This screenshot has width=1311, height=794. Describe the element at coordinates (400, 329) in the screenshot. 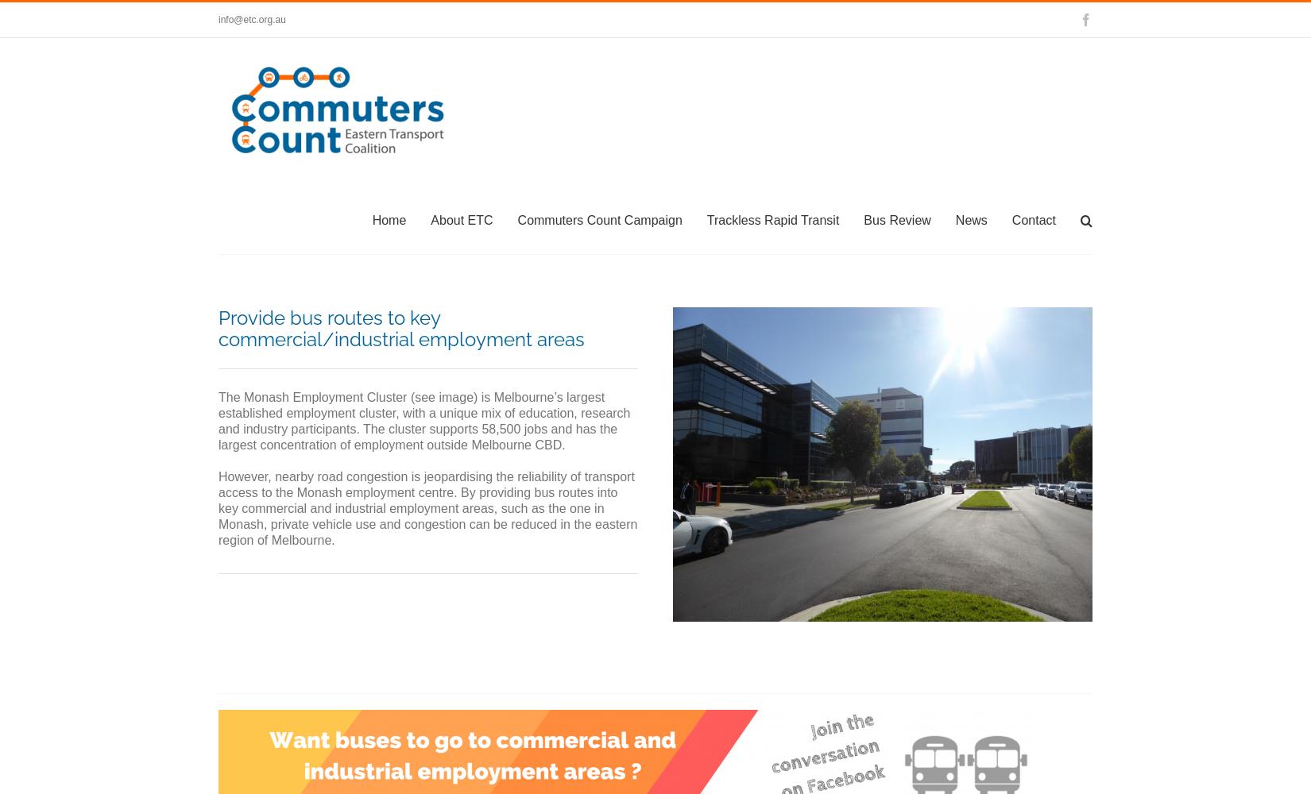

I see `'Provide bus routes to key commercial/industrial employment areas'` at that location.